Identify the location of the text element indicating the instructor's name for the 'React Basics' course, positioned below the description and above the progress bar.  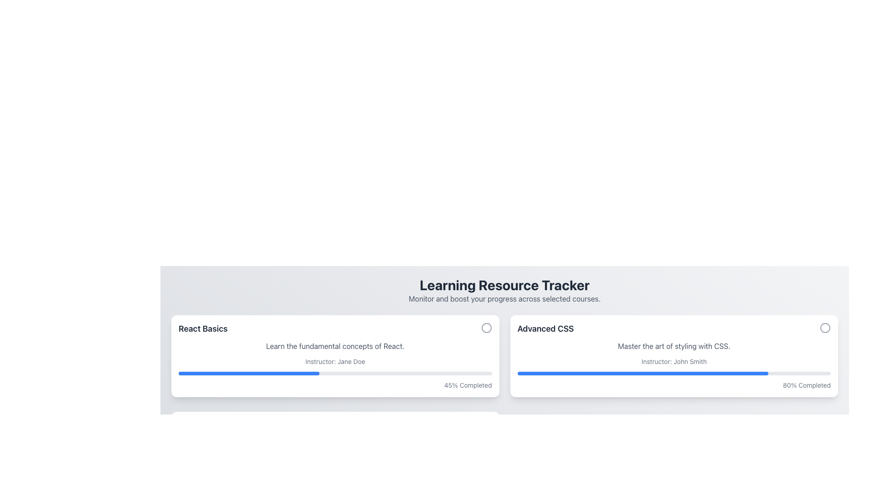
(335, 361).